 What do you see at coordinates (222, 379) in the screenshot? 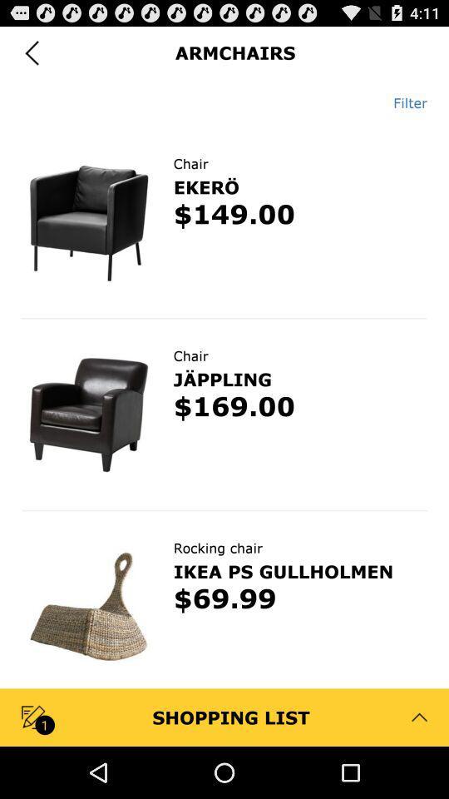
I see `icon above the $169.00 app` at bounding box center [222, 379].